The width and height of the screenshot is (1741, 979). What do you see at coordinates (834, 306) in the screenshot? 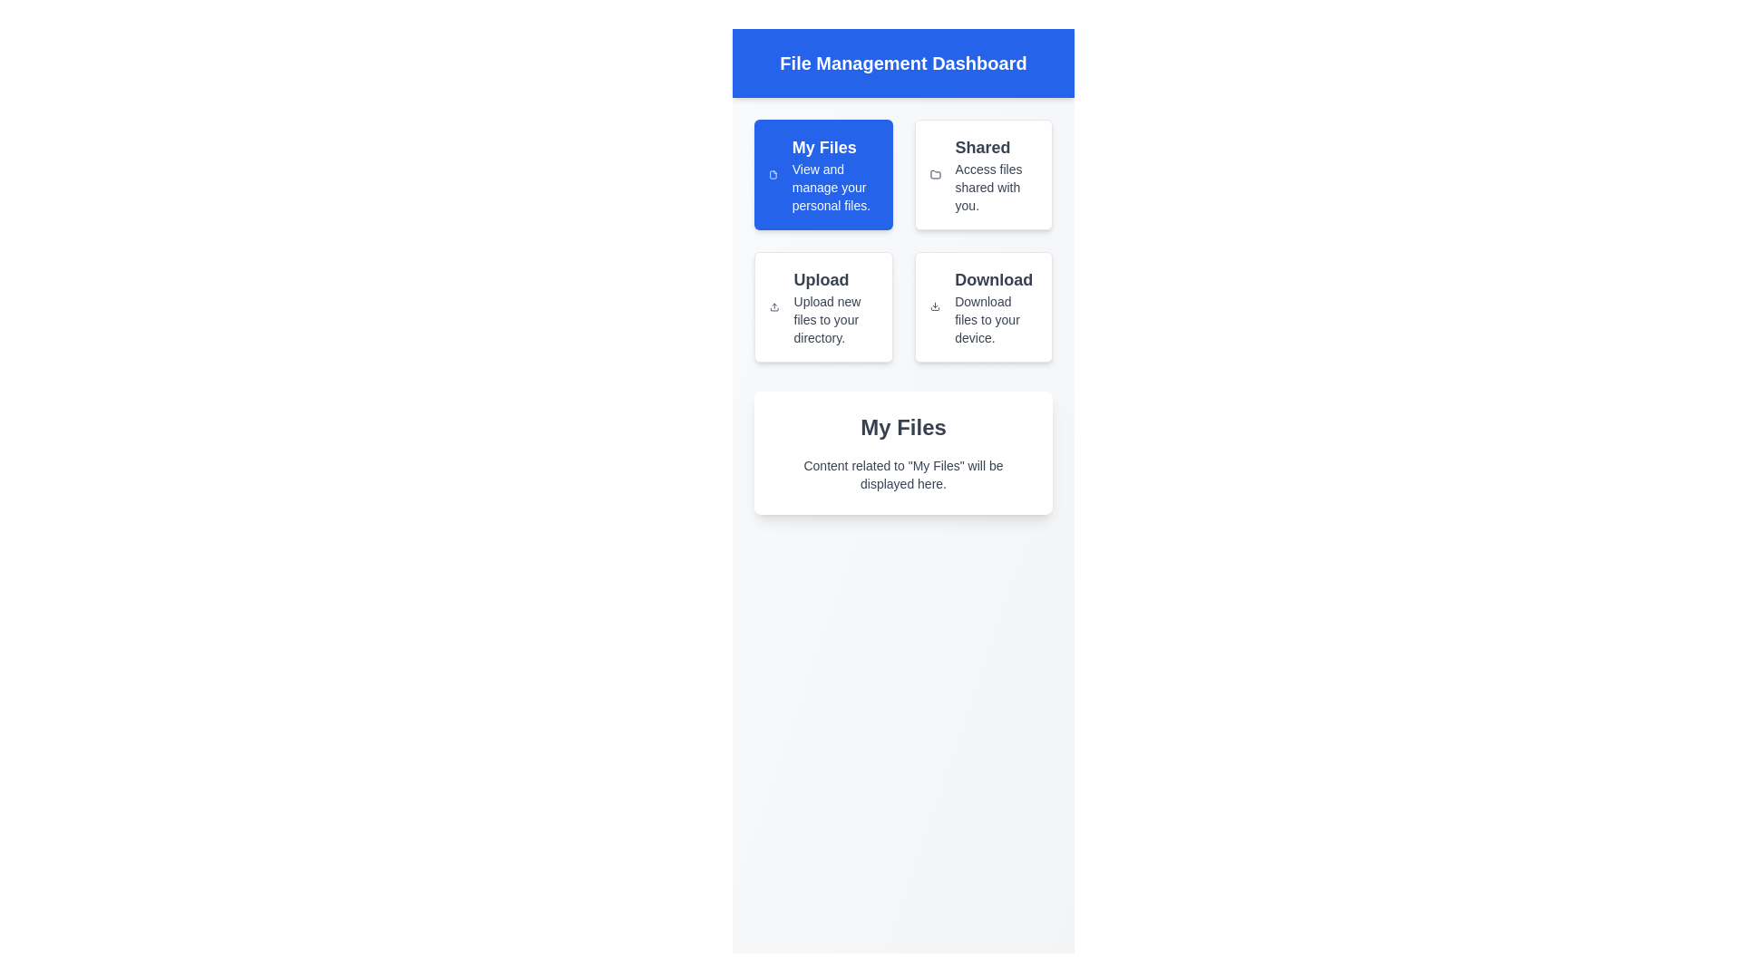
I see `the text block containing the title 'Upload' and the explanatory text 'Upload new files to your directory.' which is displayed in a card layout` at bounding box center [834, 306].